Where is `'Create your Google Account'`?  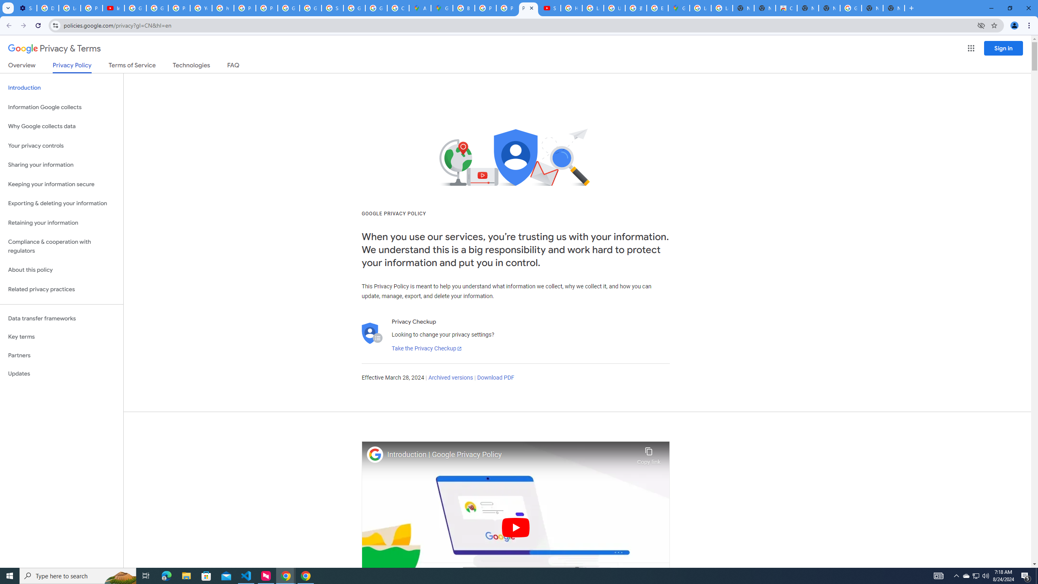 'Create your Google Account' is located at coordinates (398, 8).